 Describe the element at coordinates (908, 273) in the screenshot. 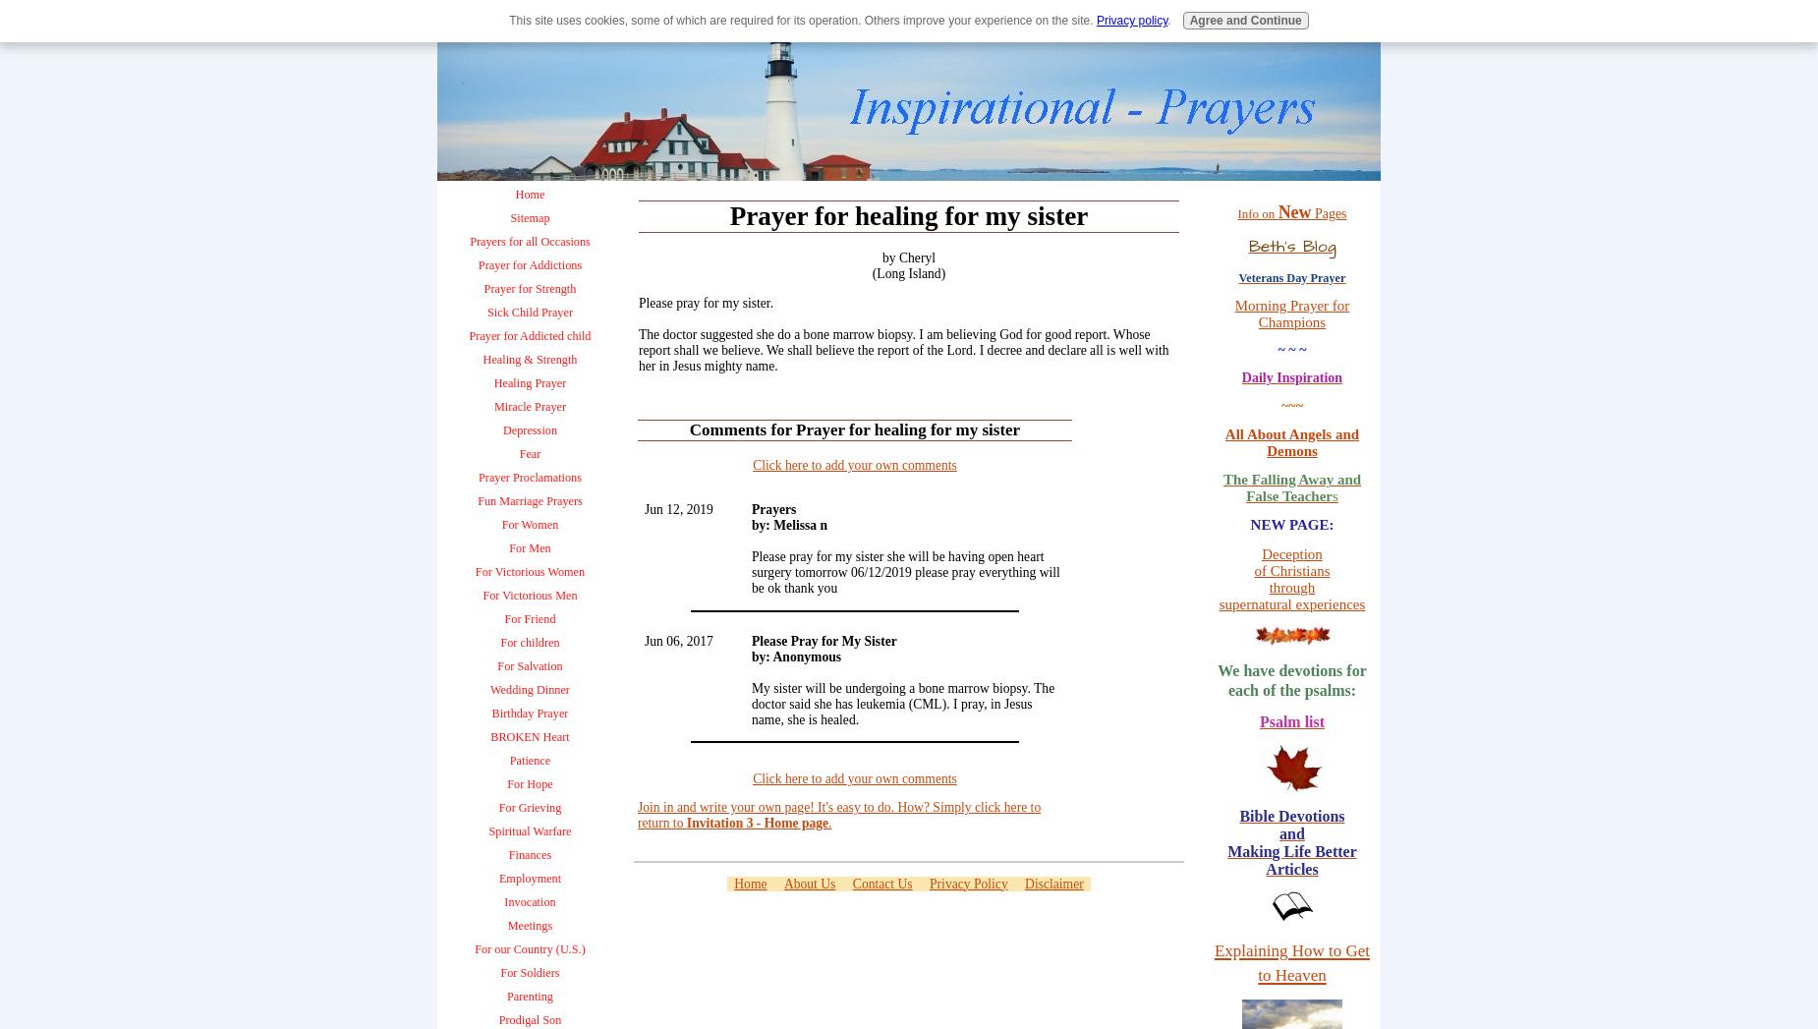

I see `'(Long Island)'` at that location.